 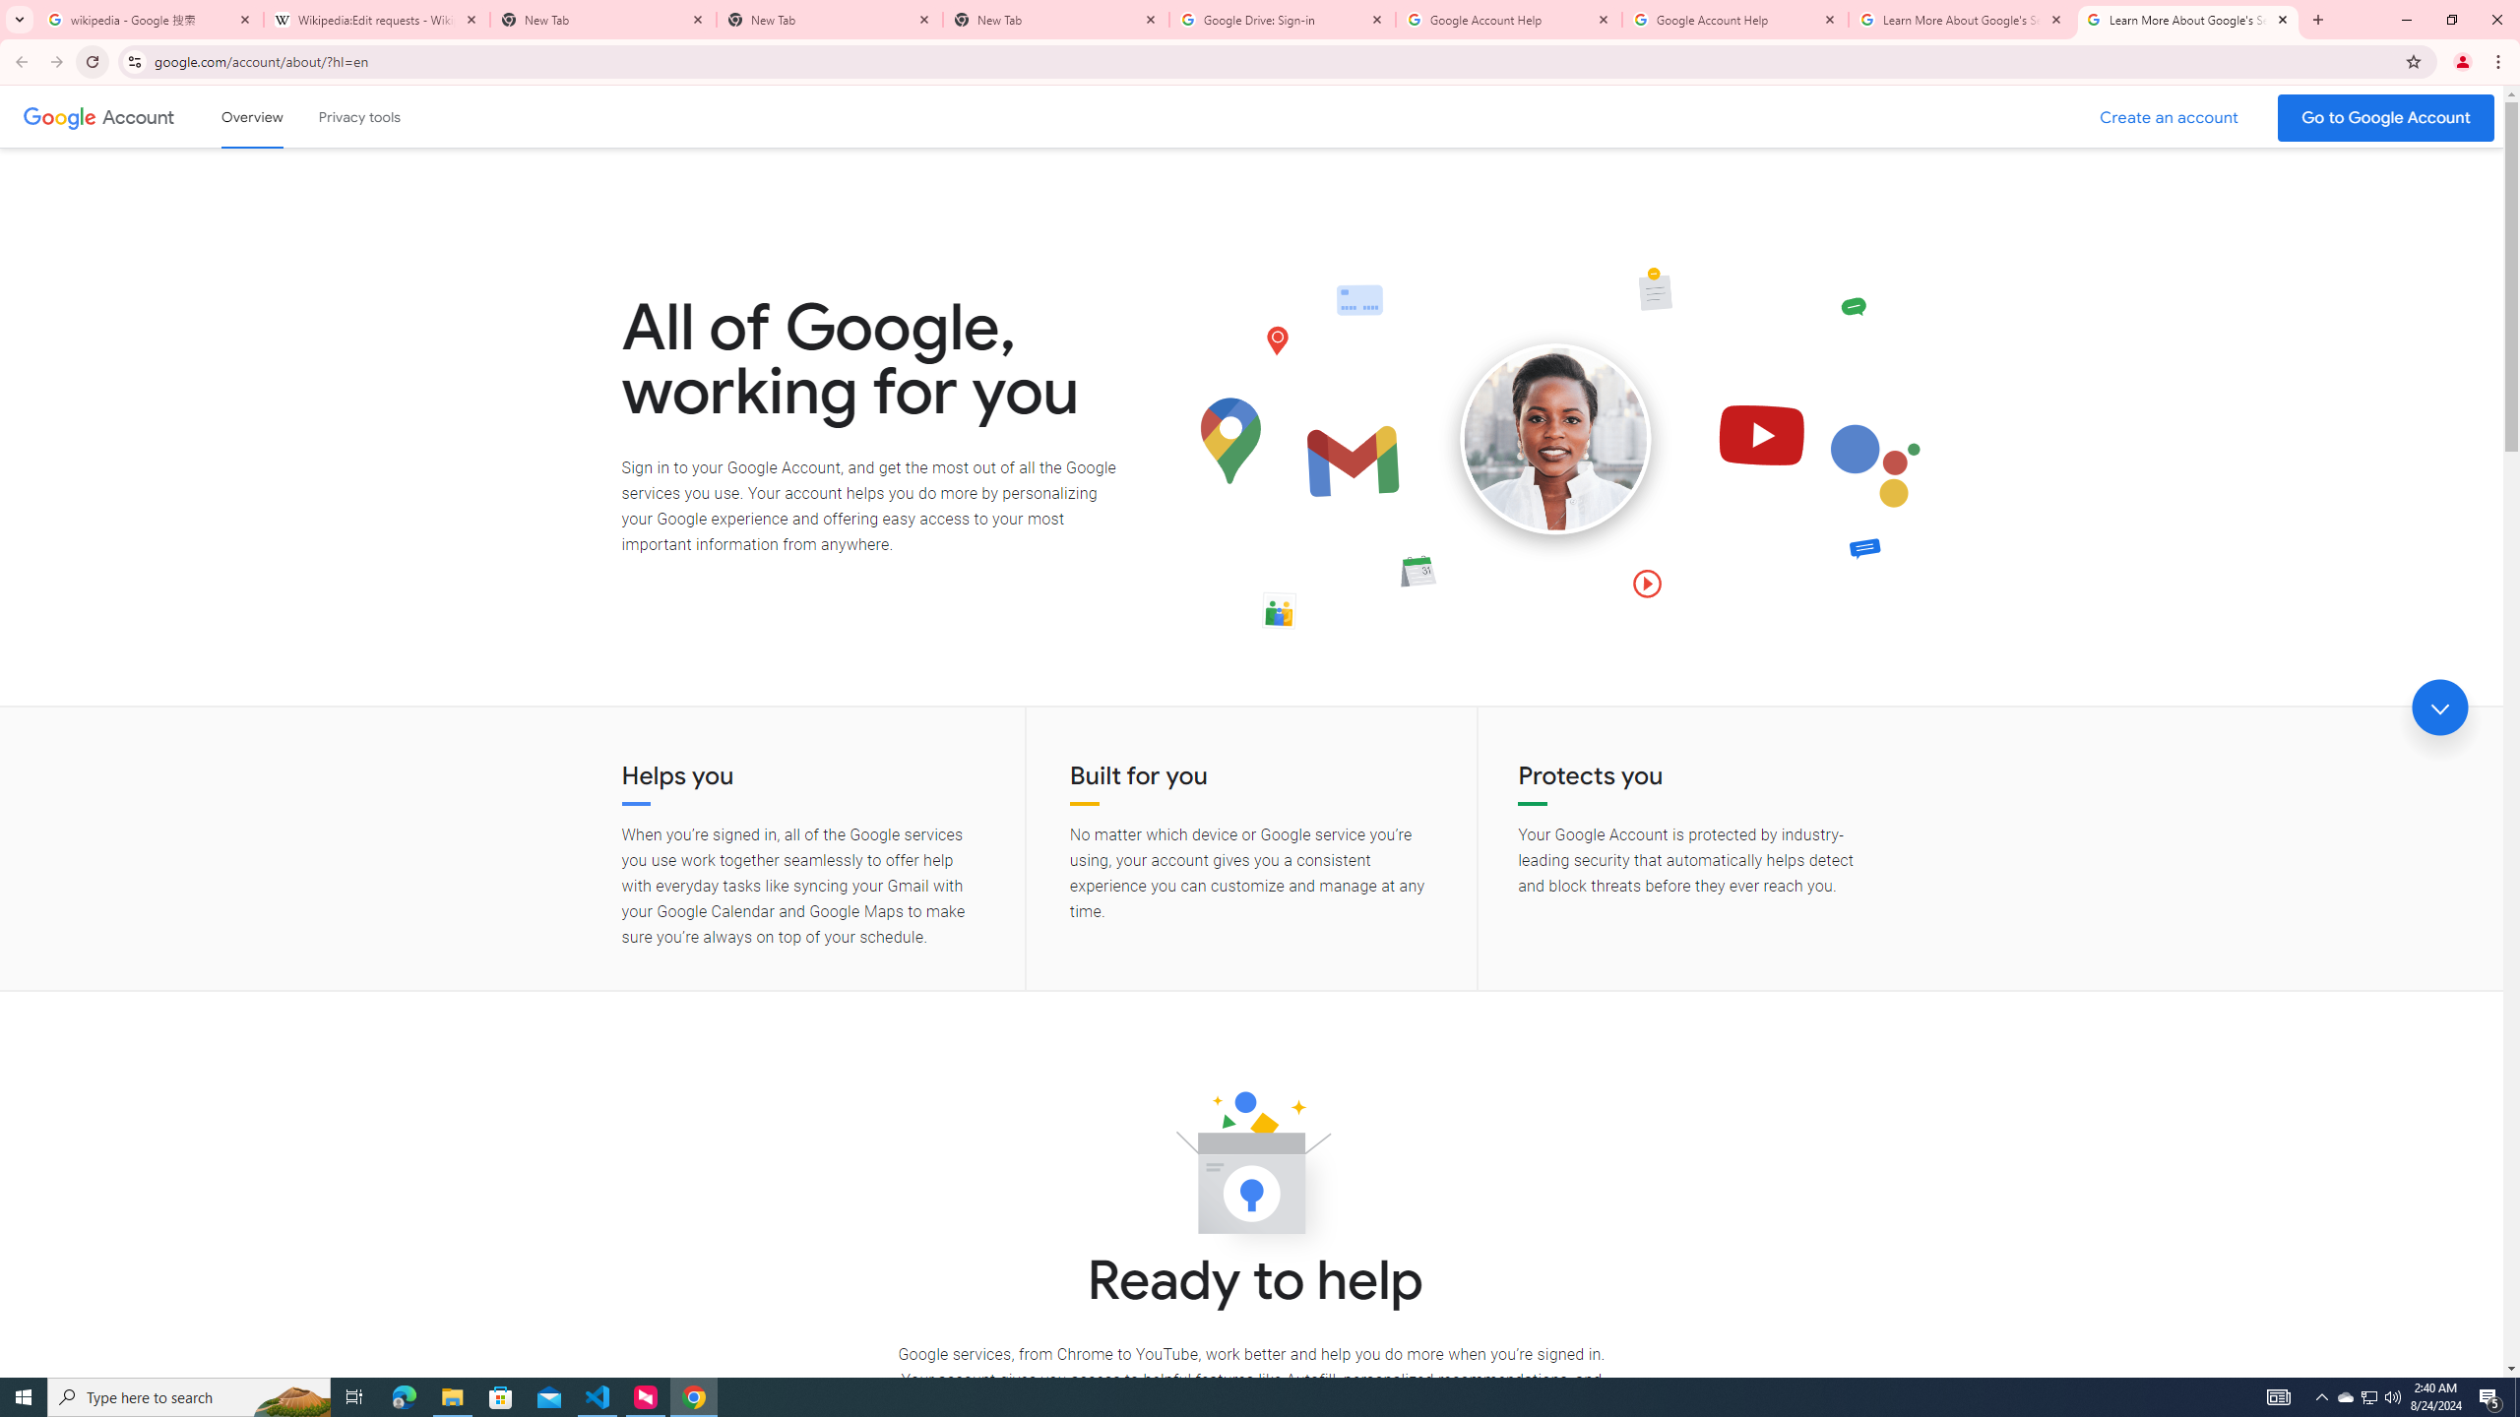 What do you see at coordinates (376, 19) in the screenshot?
I see `'Wikipedia:Edit requests - Wikipedia'` at bounding box center [376, 19].